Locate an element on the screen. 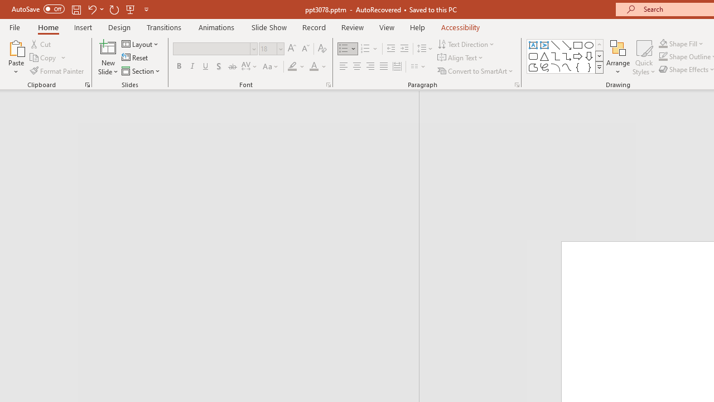 This screenshot has height=402, width=714. 'Distributed' is located at coordinates (397, 66).